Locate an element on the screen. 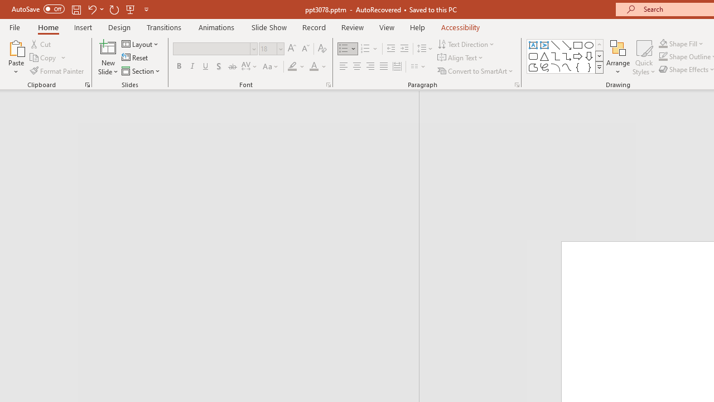 This screenshot has height=402, width=714. 'Distributed' is located at coordinates (397, 66).